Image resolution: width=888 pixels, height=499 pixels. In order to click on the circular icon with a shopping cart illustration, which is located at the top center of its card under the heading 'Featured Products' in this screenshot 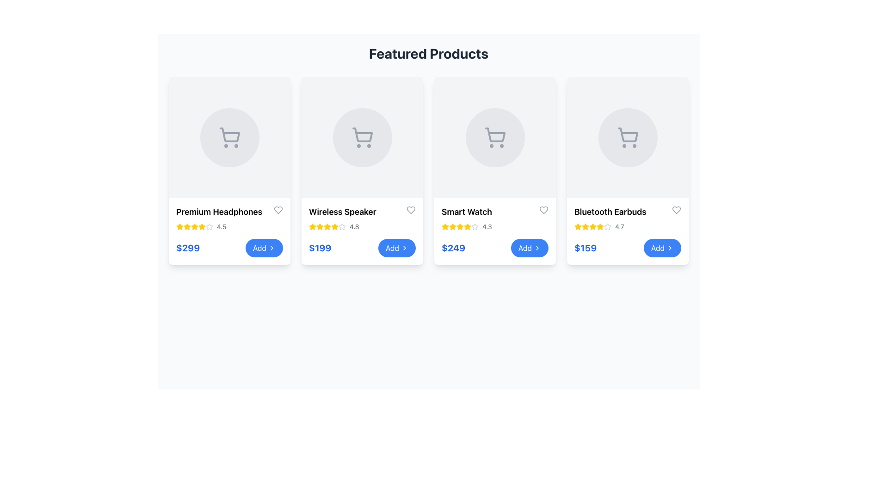, I will do `click(229, 137)`.